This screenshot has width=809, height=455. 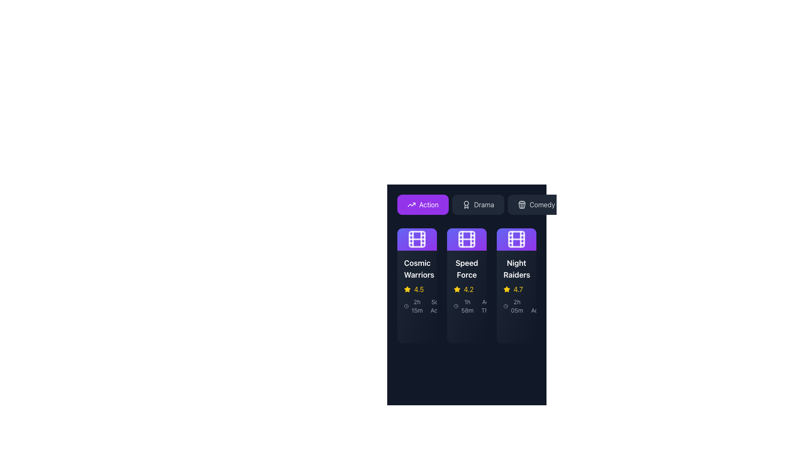 I want to click on the text element styled in bold white font that reads 'Speed Force', located at the center of the second card in a row of selectable movie titles, so click(x=466, y=268).